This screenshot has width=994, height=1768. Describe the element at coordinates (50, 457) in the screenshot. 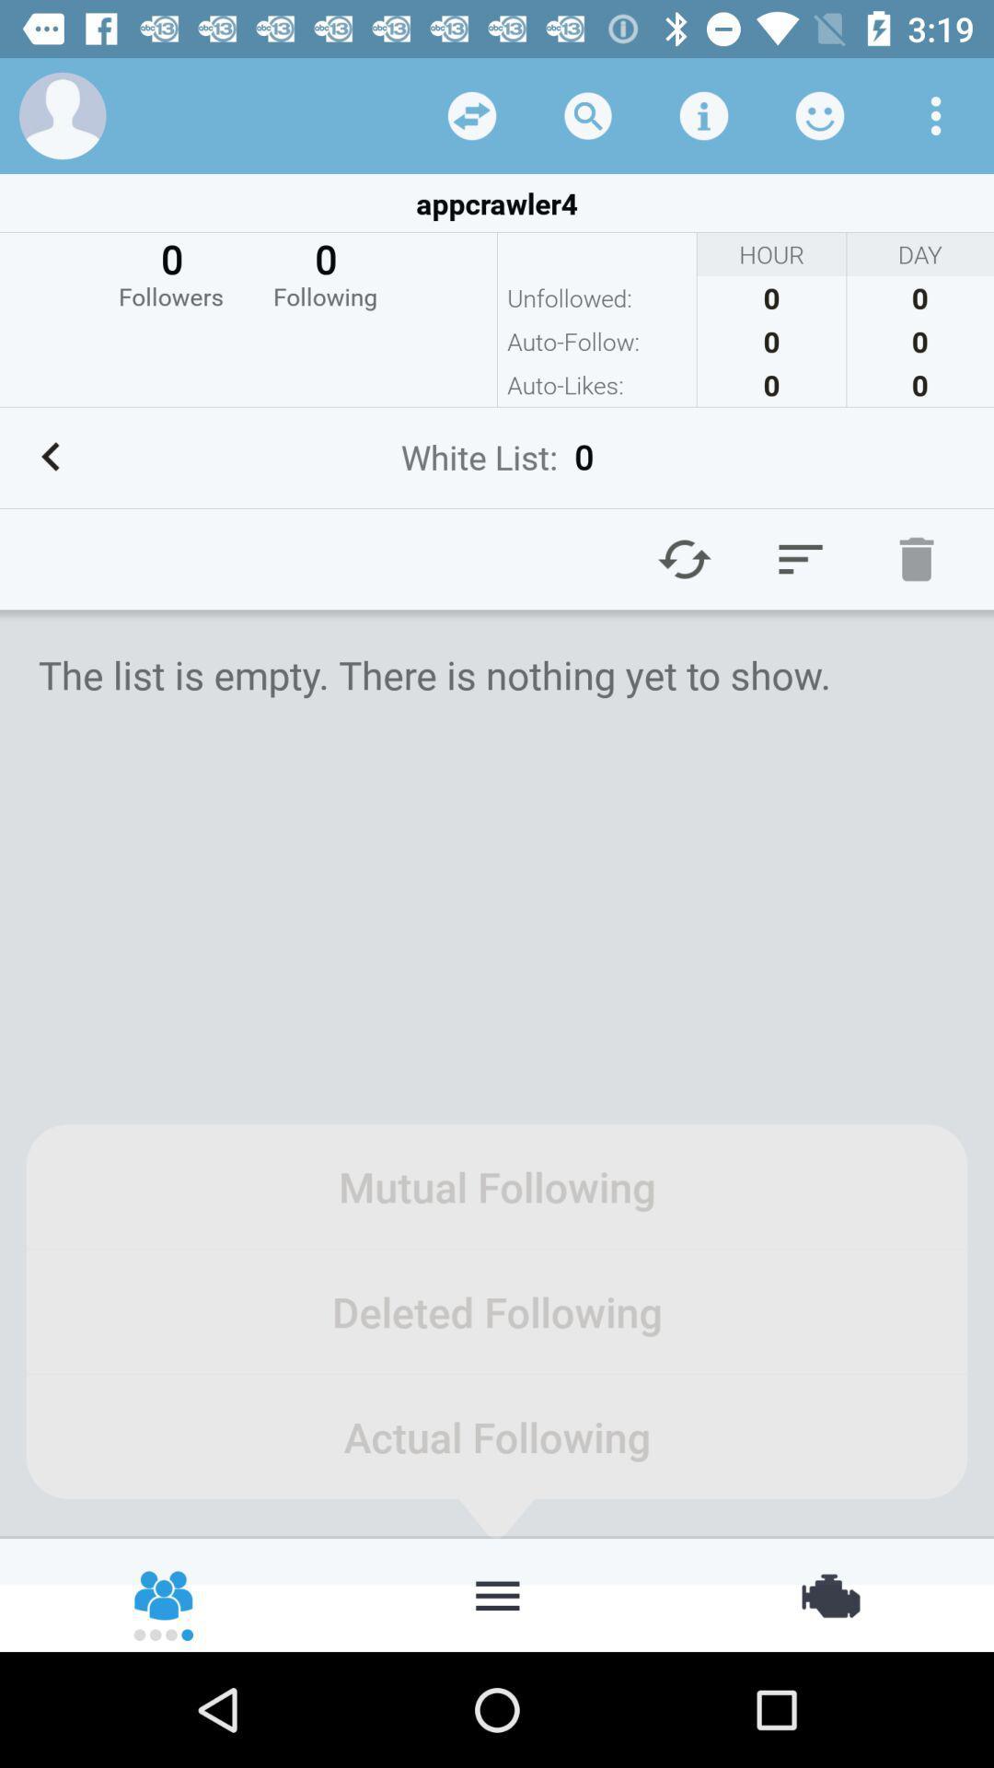

I see `the arrow_backward icon` at that location.